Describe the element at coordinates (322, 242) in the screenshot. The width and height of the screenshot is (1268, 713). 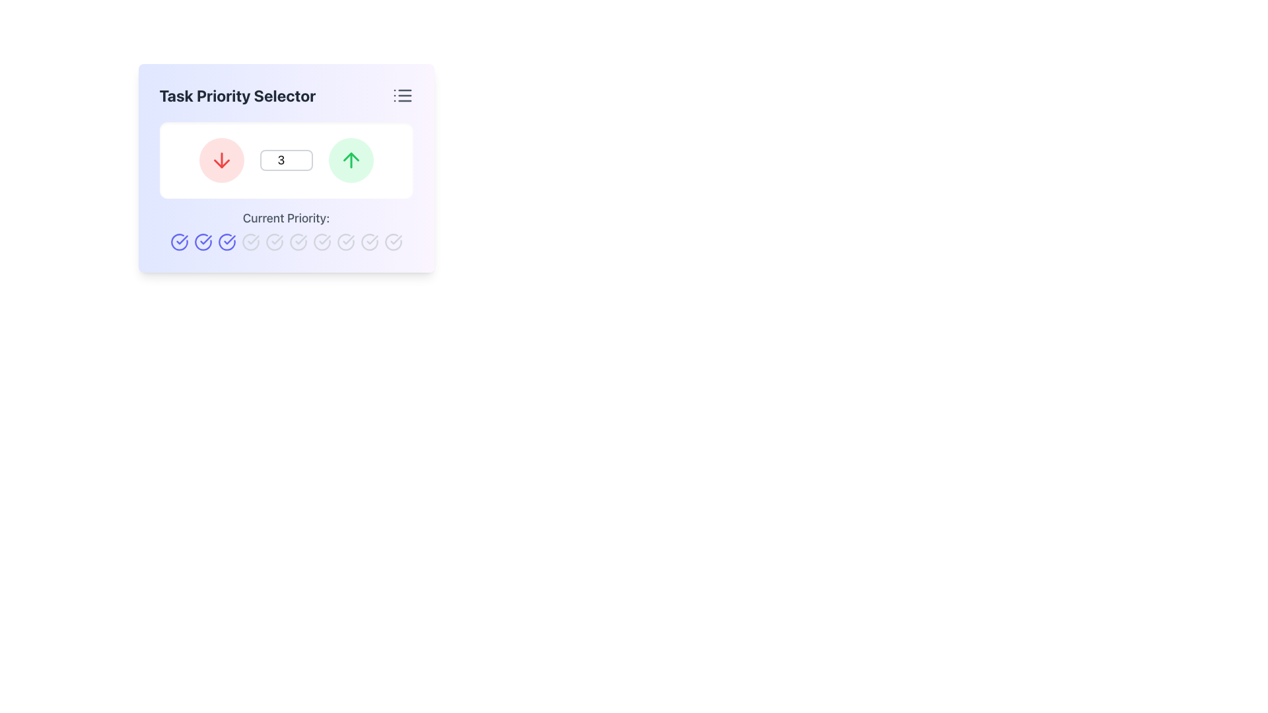
I see `the sixth circular icon representing a checkmark in the 'Current Priority:' section to interact or select it` at that location.